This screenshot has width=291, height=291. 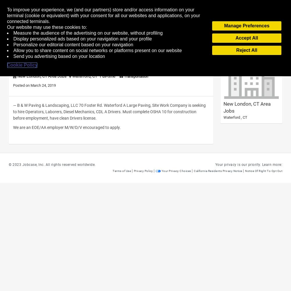 I want to click on 'Notice of Right to Opt Out', so click(x=264, y=171).